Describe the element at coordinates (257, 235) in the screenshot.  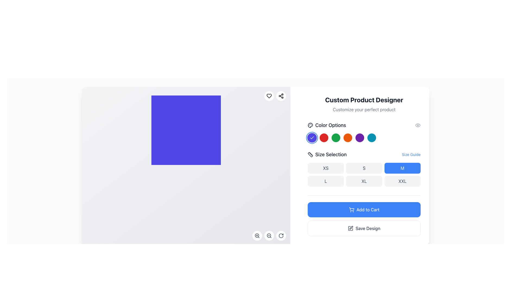
I see `the zoom icon located near the bottom-right corner of the main interface` at that location.